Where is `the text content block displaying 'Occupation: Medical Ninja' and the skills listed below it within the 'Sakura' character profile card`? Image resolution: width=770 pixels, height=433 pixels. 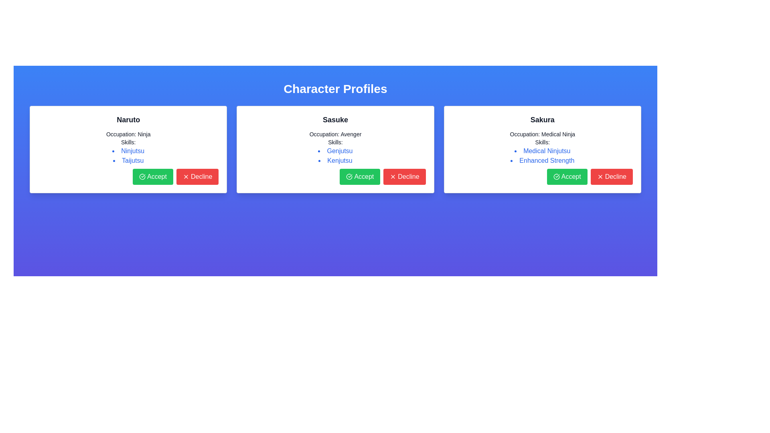
the text content block displaying 'Occupation: Medical Ninja' and the skills listed below it within the 'Sakura' character profile card is located at coordinates (542, 148).